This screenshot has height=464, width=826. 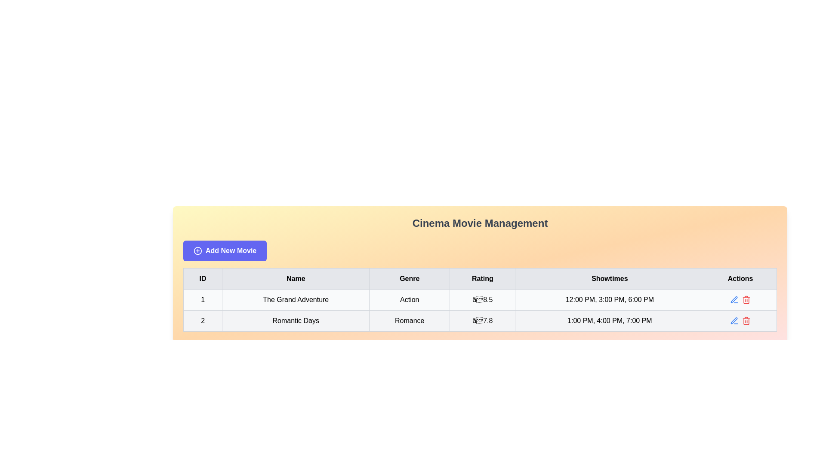 What do you see at coordinates (740, 321) in the screenshot?
I see `the interactive action icons in the last column of the second row of the table` at bounding box center [740, 321].